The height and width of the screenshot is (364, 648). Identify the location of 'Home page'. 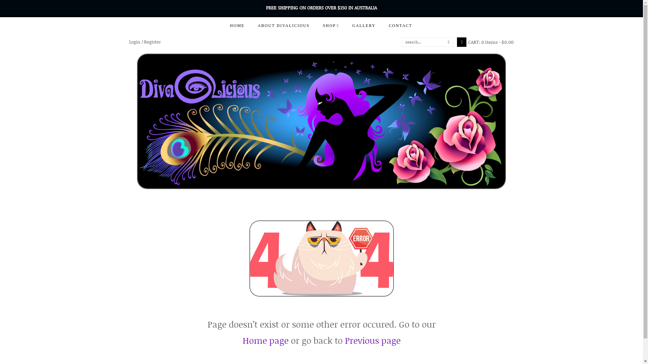
(265, 340).